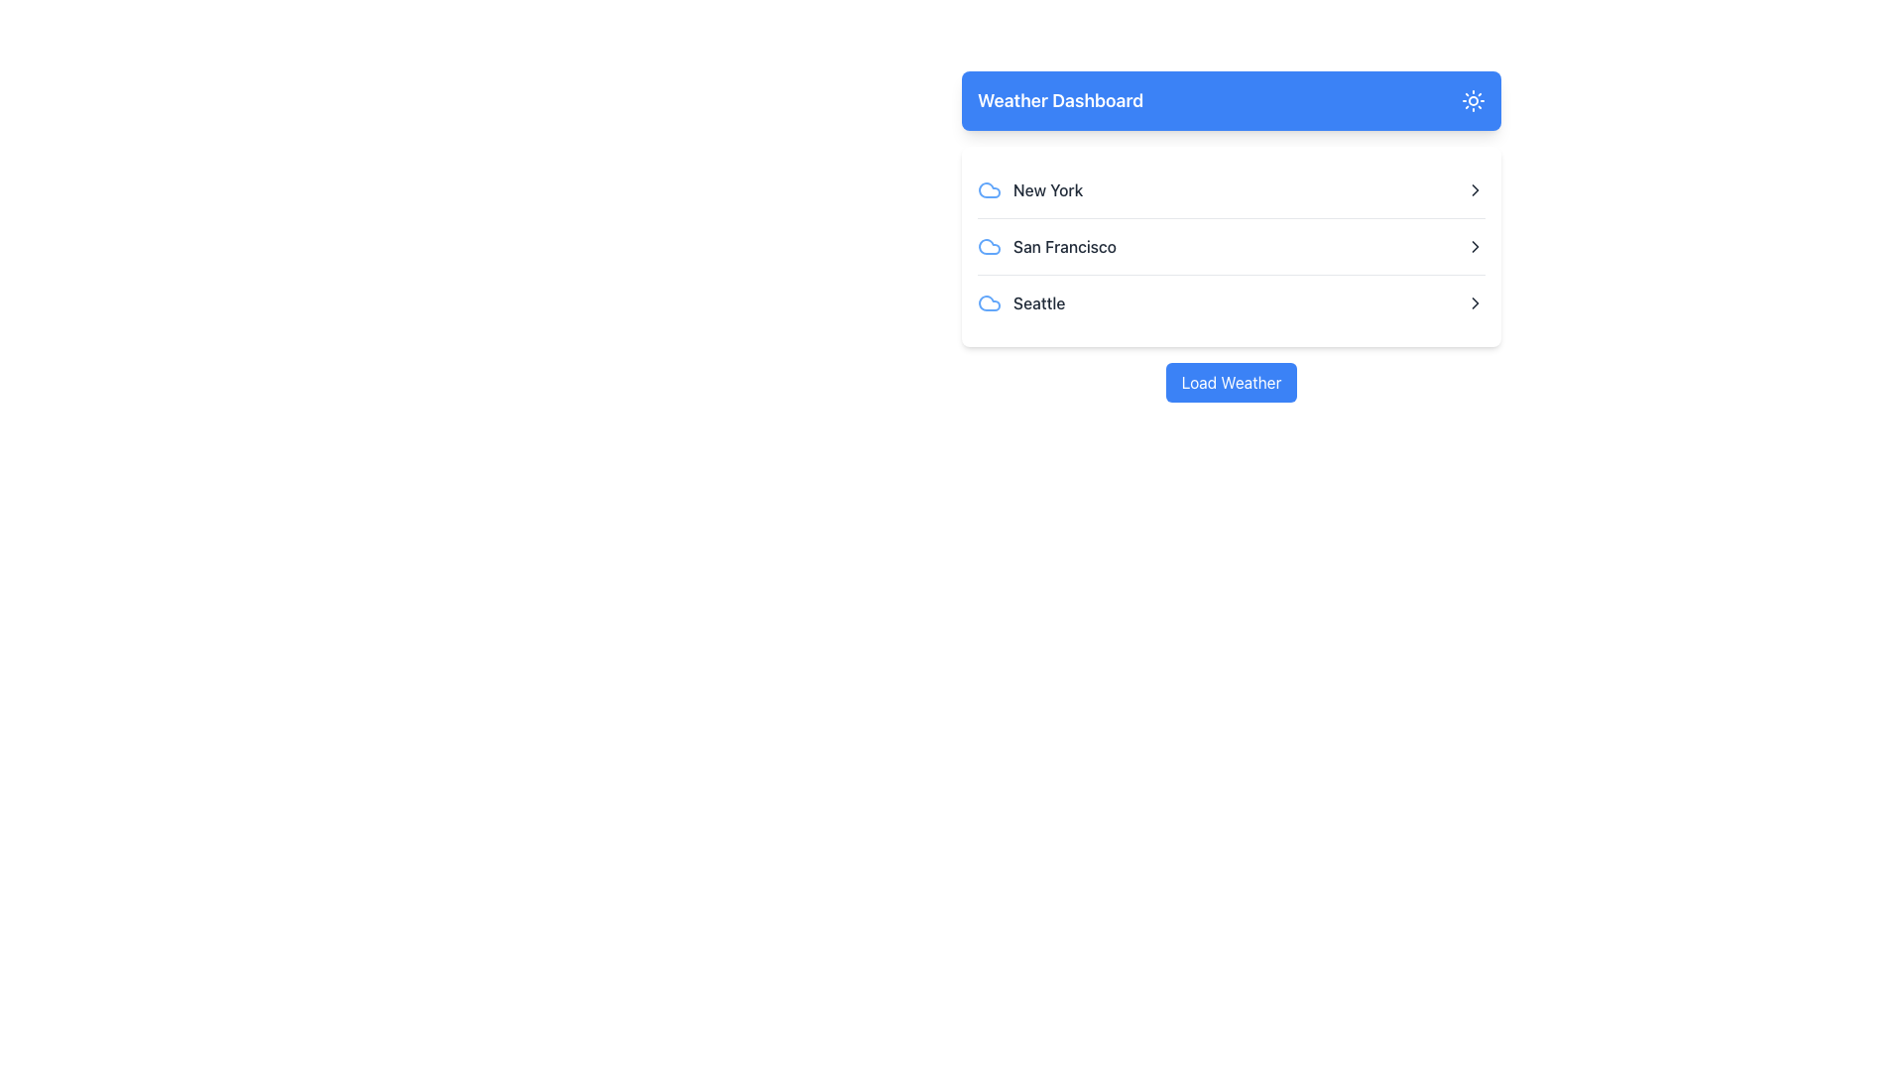 This screenshot has height=1071, width=1904. What do you see at coordinates (1476, 302) in the screenshot?
I see `the right-facing chevron icon located in the rightmost part of the 'Seattle' row of the Weather Dashboard interface to proceed` at bounding box center [1476, 302].